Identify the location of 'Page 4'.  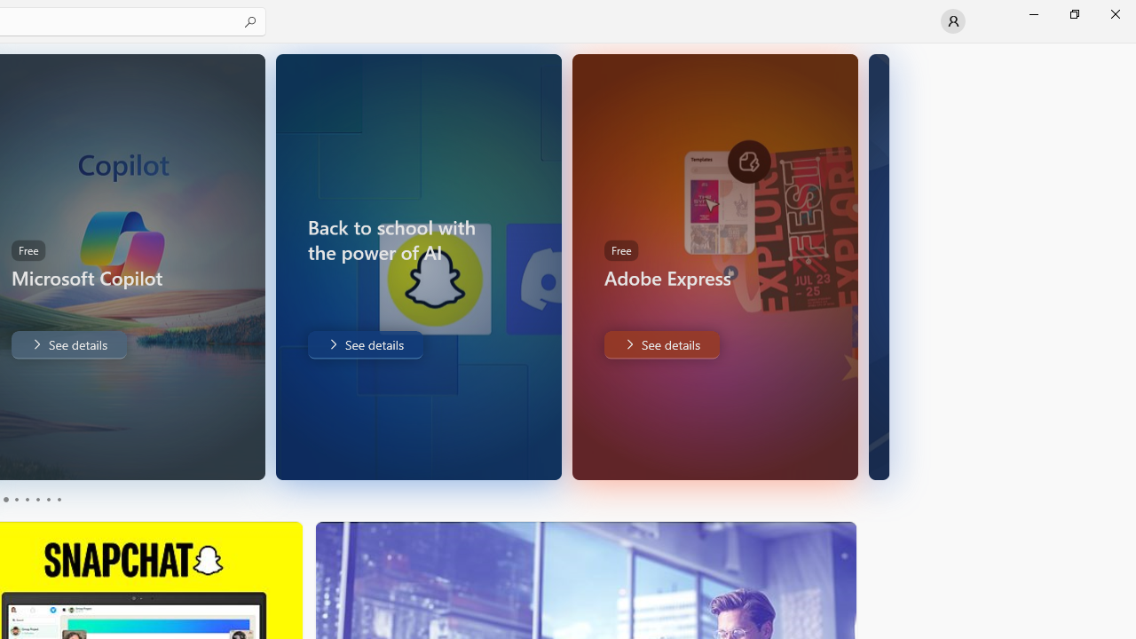
(37, 500).